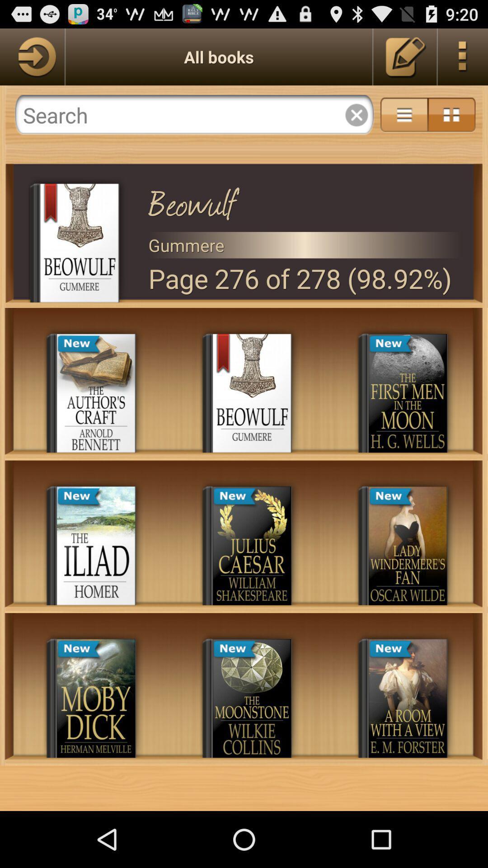  What do you see at coordinates (451, 114) in the screenshot?
I see `change to gallery view` at bounding box center [451, 114].